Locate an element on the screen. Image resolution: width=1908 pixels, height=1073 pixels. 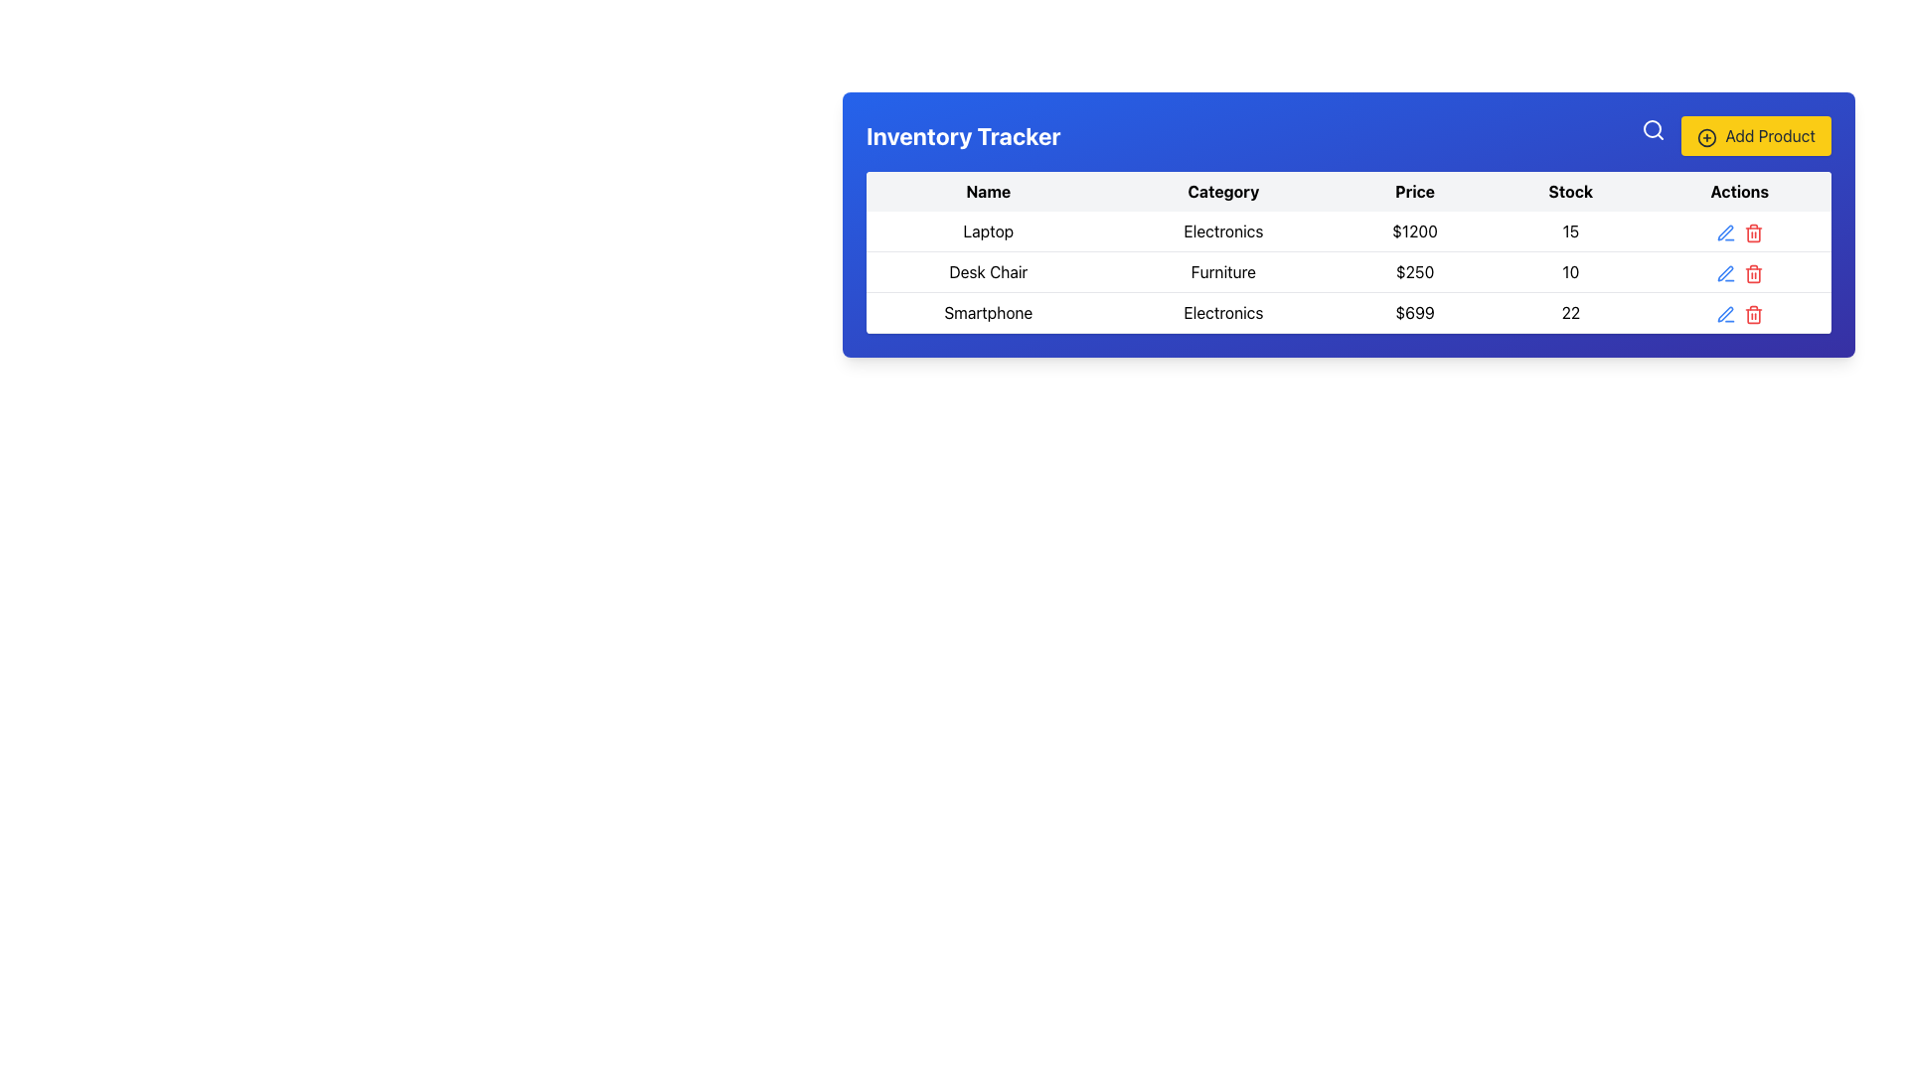
the edit icon button in the 'Actions' column for the 'Desk Chair' item is located at coordinates (1724, 230).